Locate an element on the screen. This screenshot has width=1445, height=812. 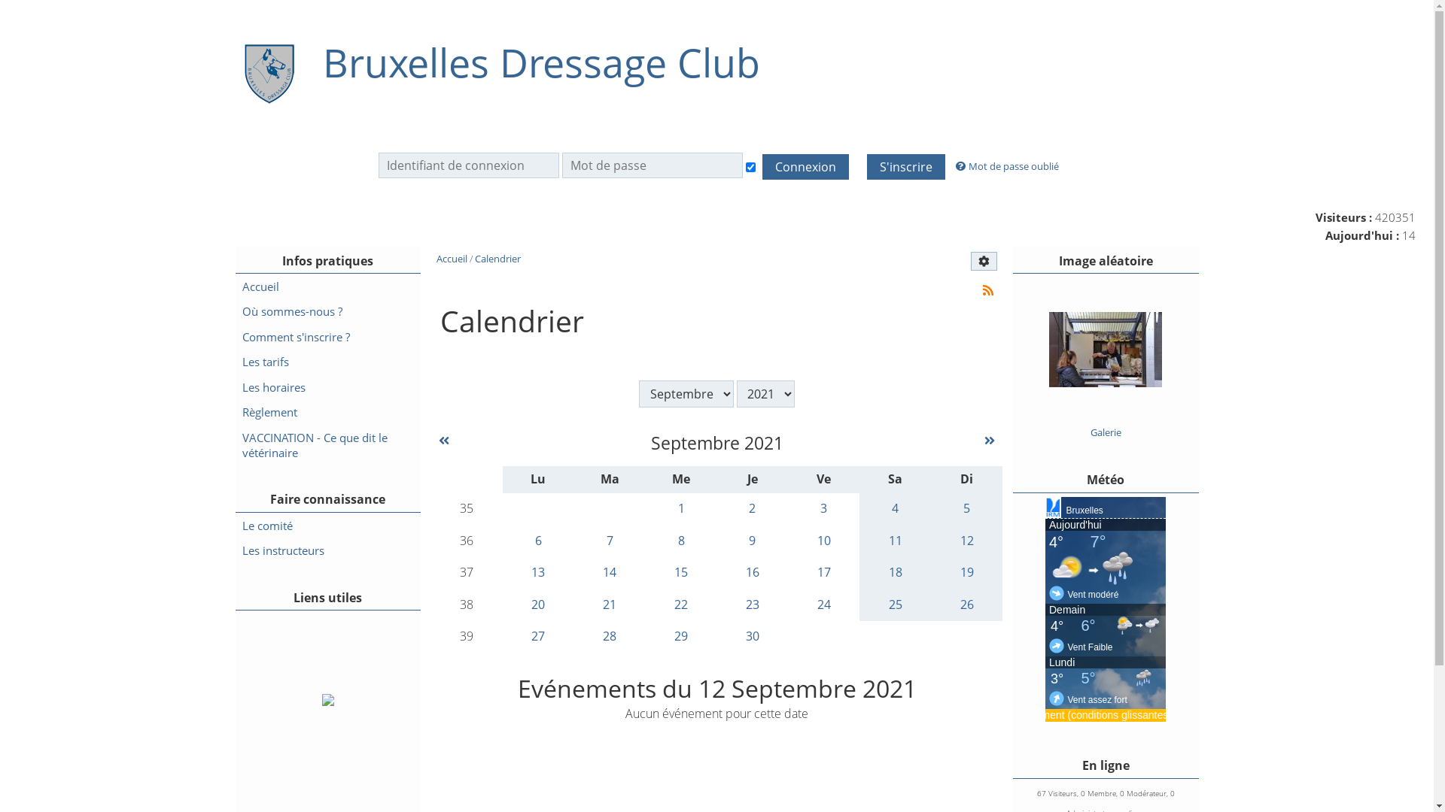
'19' is located at coordinates (966, 573).